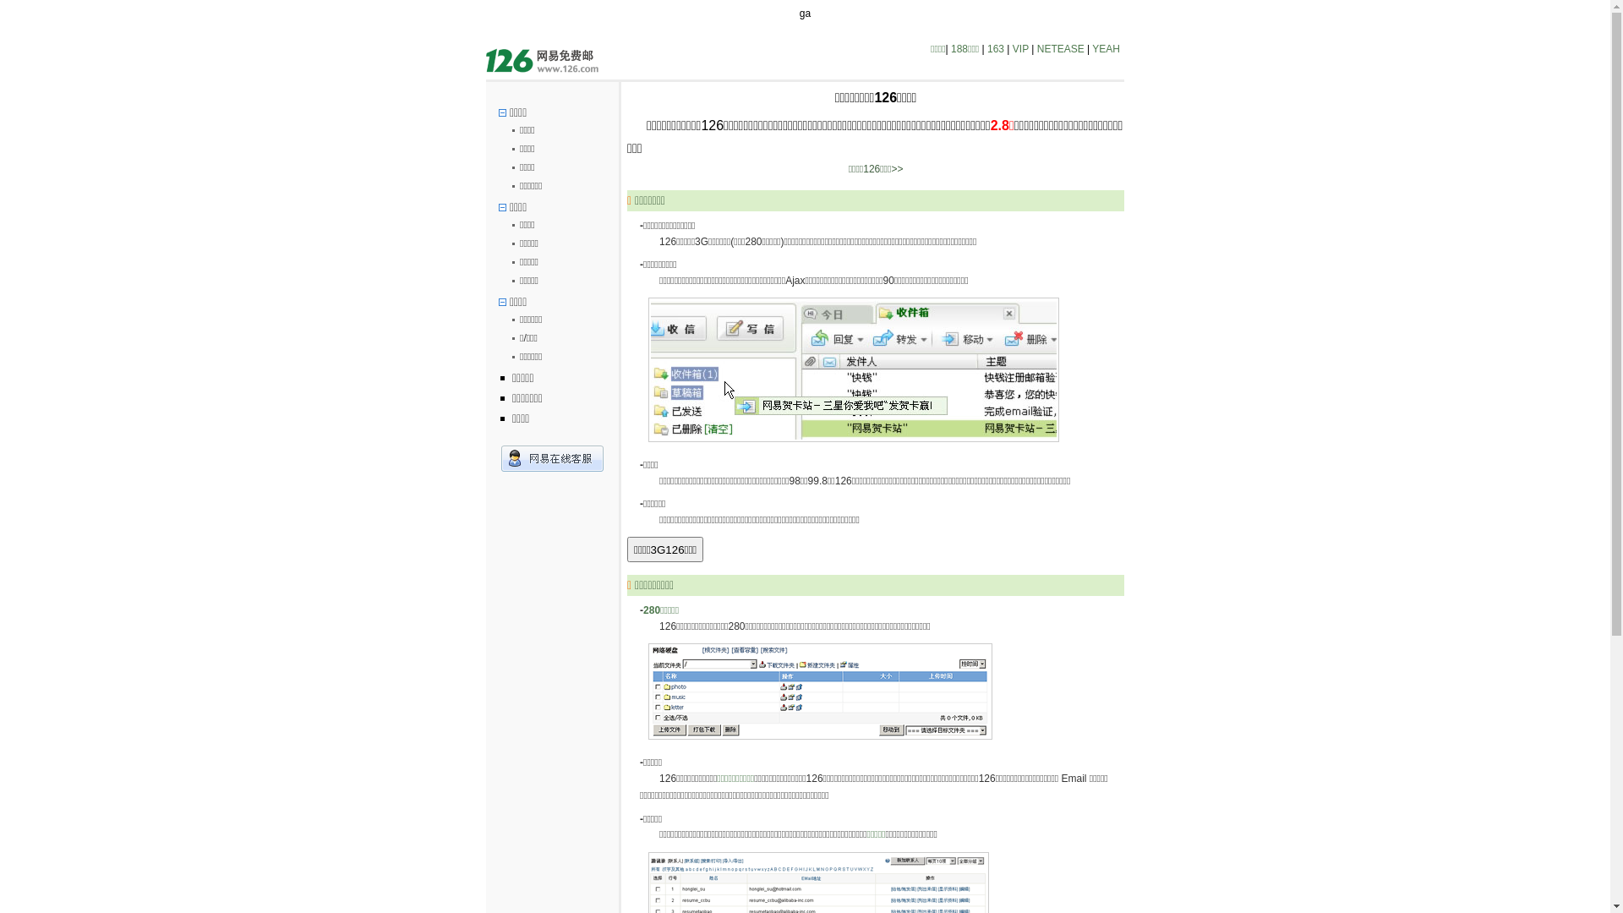 This screenshot has width=1623, height=913. I want to click on '163', so click(995, 47).